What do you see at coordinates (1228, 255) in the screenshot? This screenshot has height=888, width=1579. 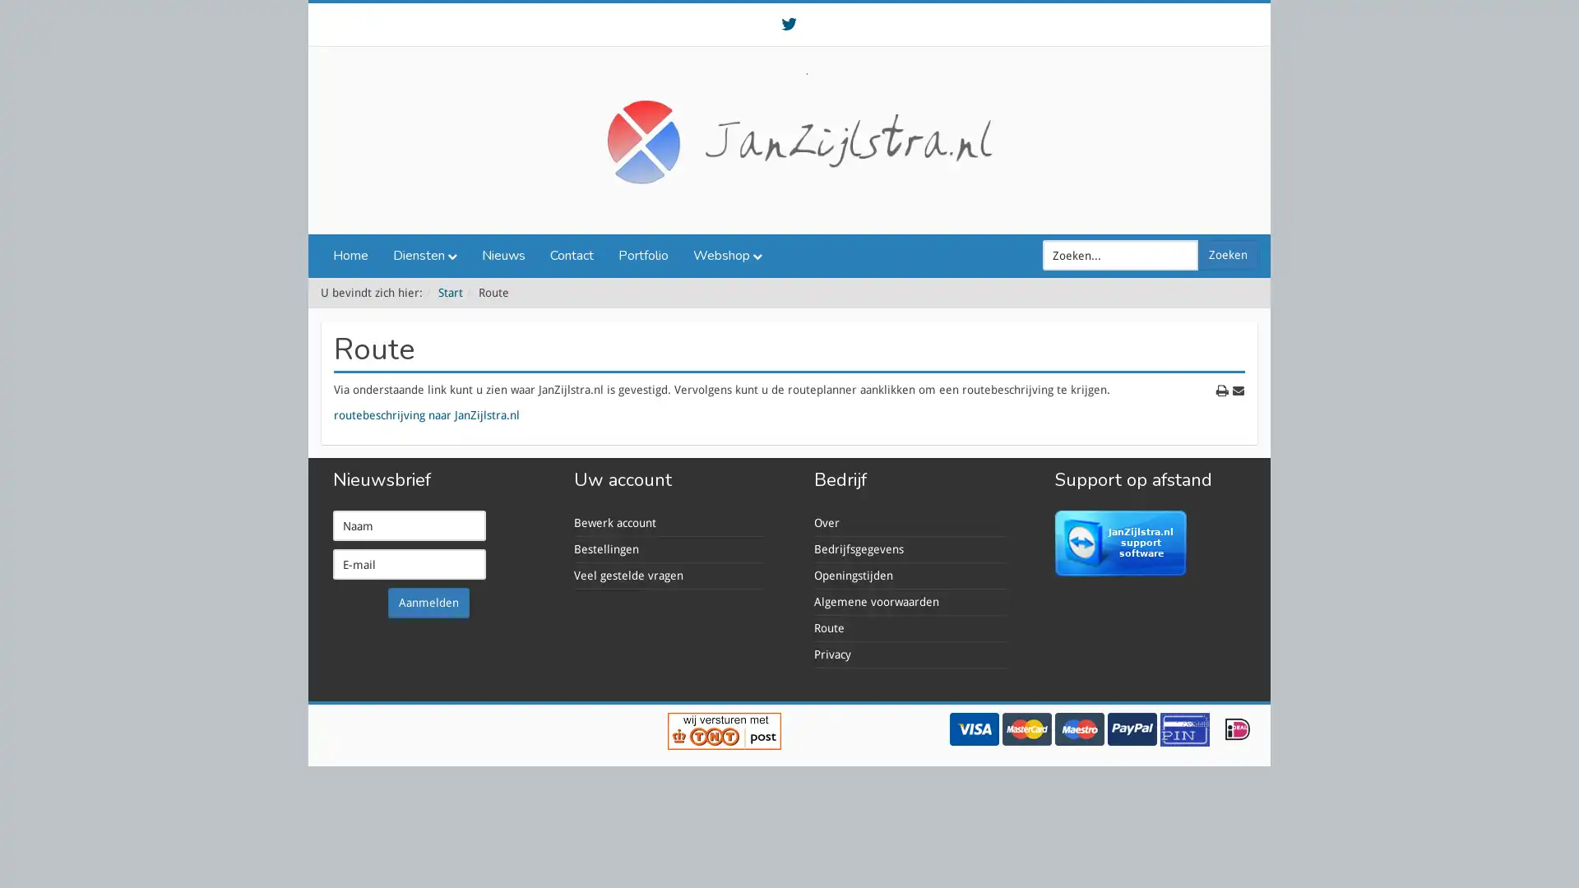 I see `Zoeken` at bounding box center [1228, 255].